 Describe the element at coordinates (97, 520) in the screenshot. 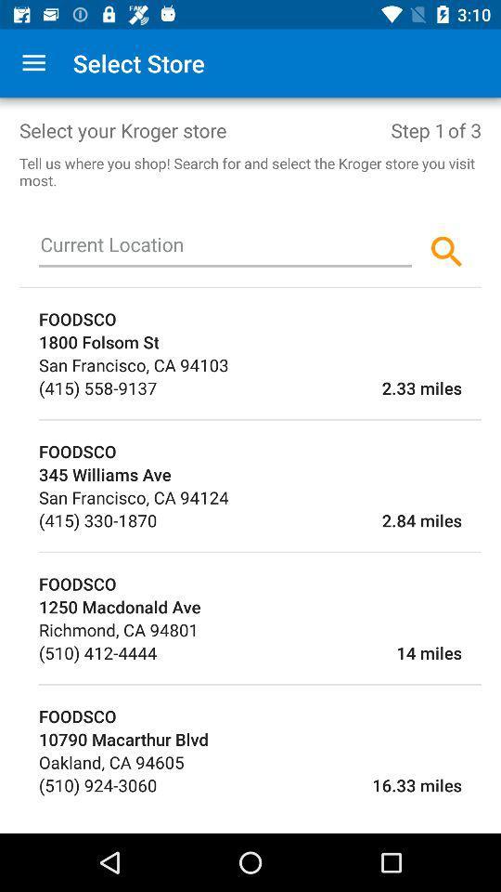

I see `the (415) 330-1870 icon` at that location.